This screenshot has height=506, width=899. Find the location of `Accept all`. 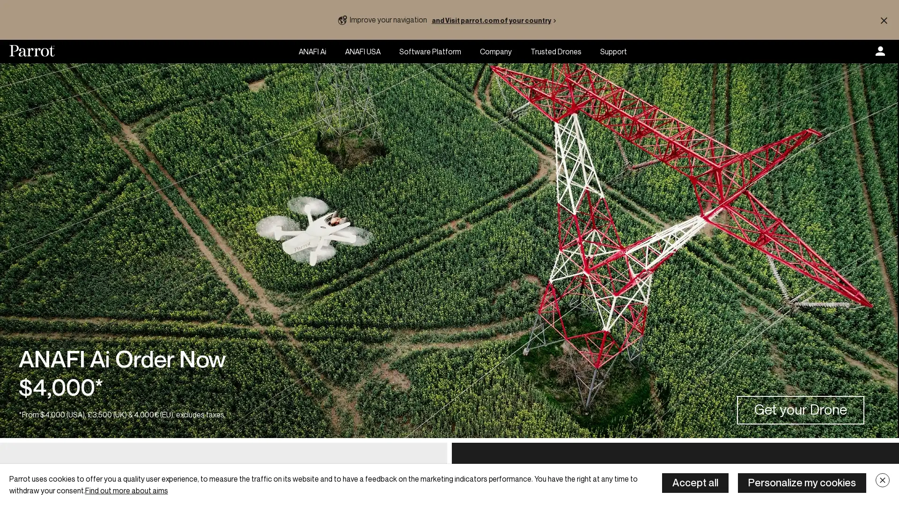

Accept all is located at coordinates (695, 483).